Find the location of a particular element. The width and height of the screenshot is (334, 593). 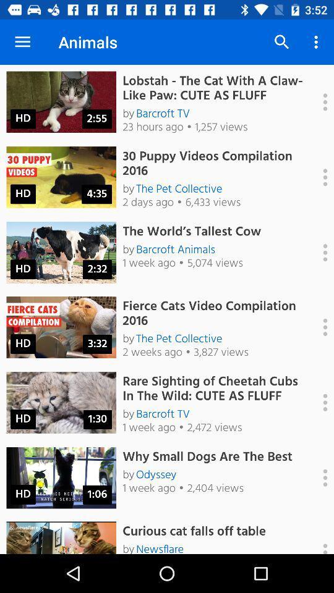

to play next is located at coordinates (319, 326).